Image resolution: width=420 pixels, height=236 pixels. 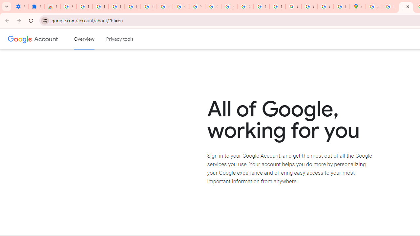 I want to click on 'Google Maps', so click(x=357, y=7).